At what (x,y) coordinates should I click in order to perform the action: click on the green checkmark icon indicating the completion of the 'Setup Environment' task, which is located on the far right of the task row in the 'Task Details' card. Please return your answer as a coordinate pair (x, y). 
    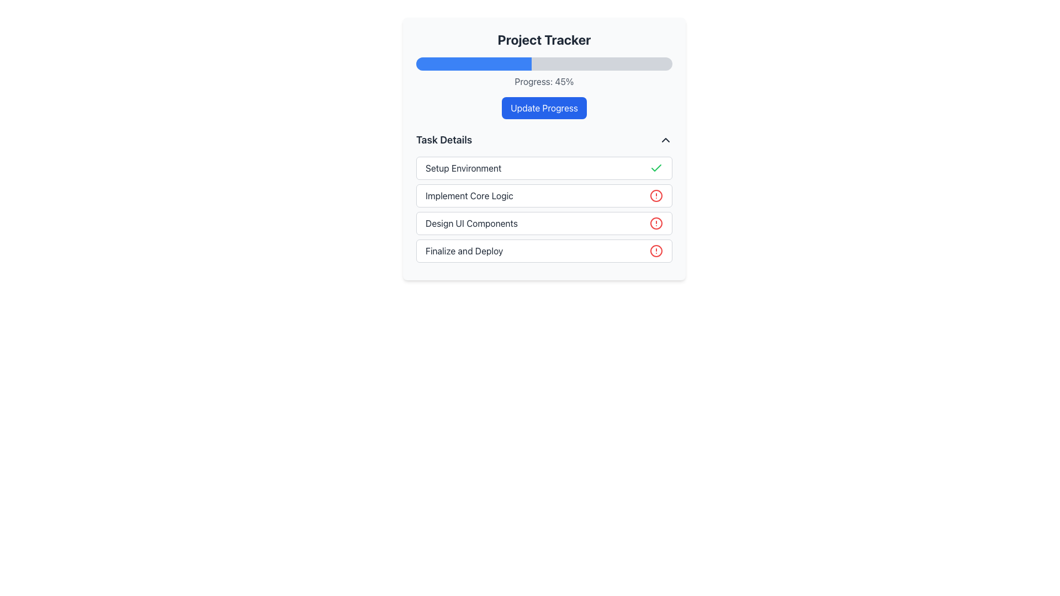
    Looking at the image, I should click on (656, 168).